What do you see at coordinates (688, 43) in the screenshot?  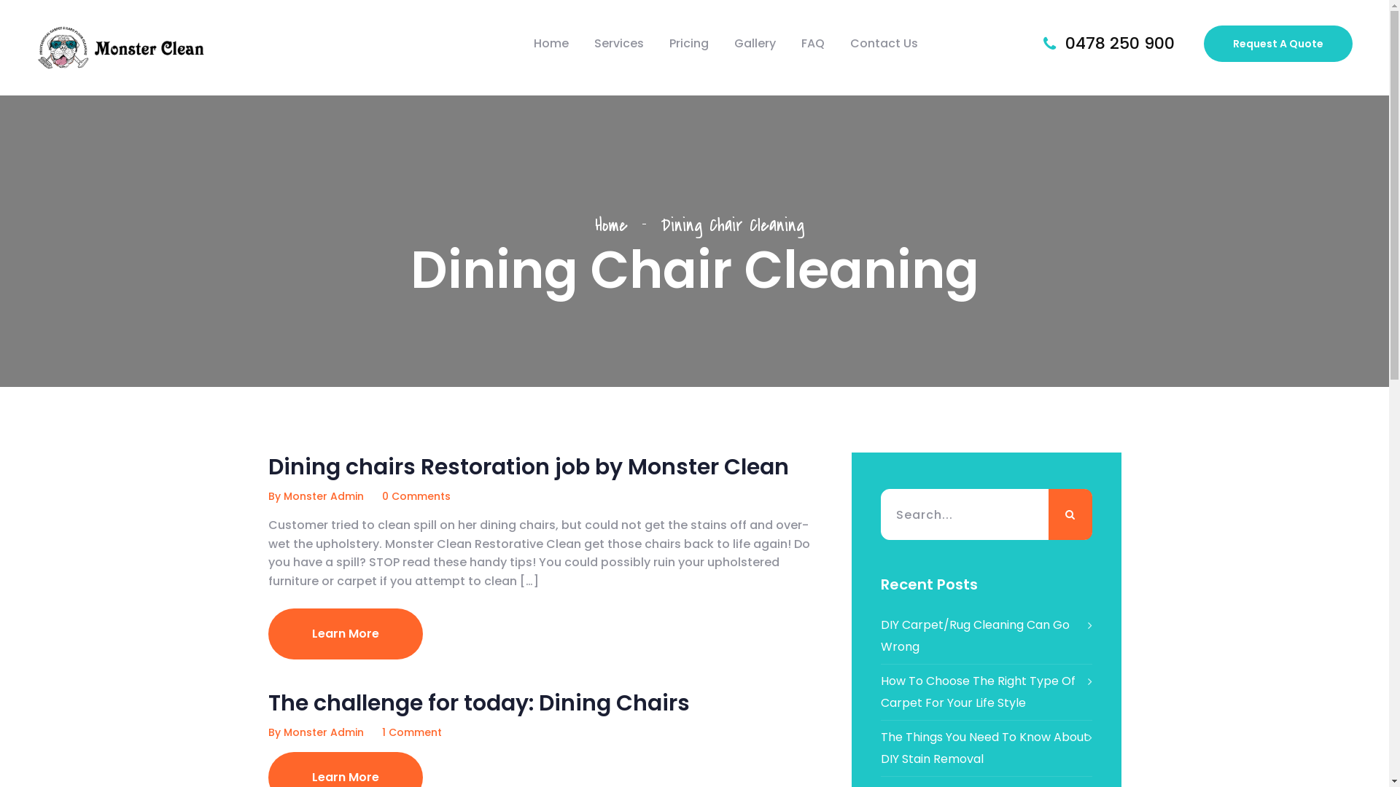 I see `'Pricing'` at bounding box center [688, 43].